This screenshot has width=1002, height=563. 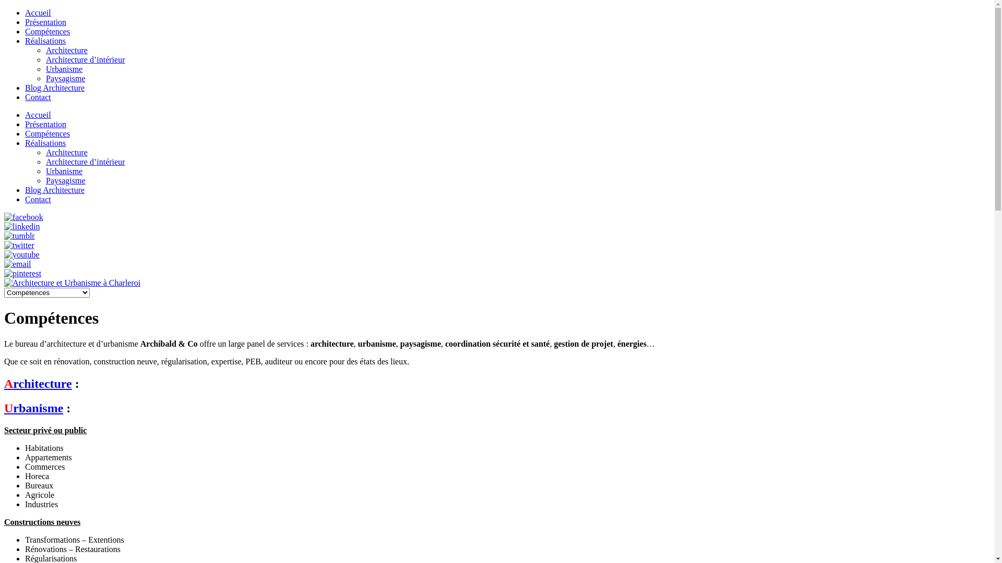 I want to click on 'Accueil', so click(x=38, y=115).